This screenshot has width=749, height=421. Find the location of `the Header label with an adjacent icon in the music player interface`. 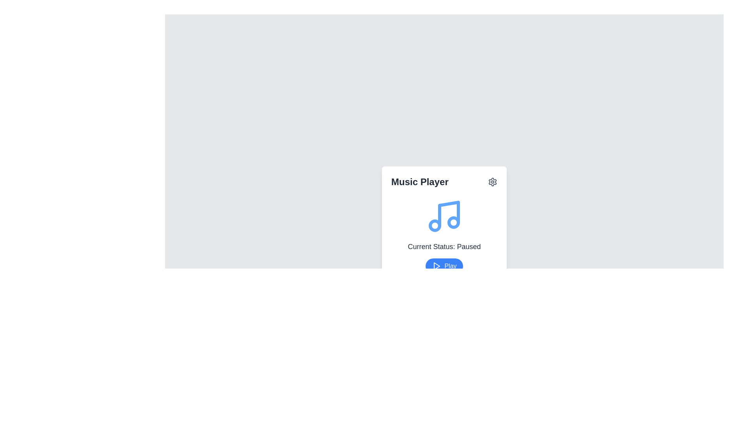

the Header label with an adjacent icon in the music player interface is located at coordinates (444, 182).